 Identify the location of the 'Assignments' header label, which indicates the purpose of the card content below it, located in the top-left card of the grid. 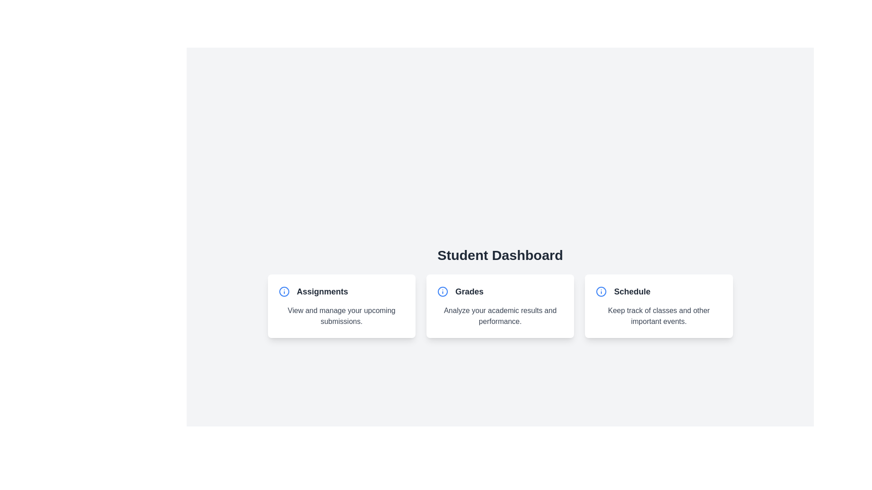
(341, 292).